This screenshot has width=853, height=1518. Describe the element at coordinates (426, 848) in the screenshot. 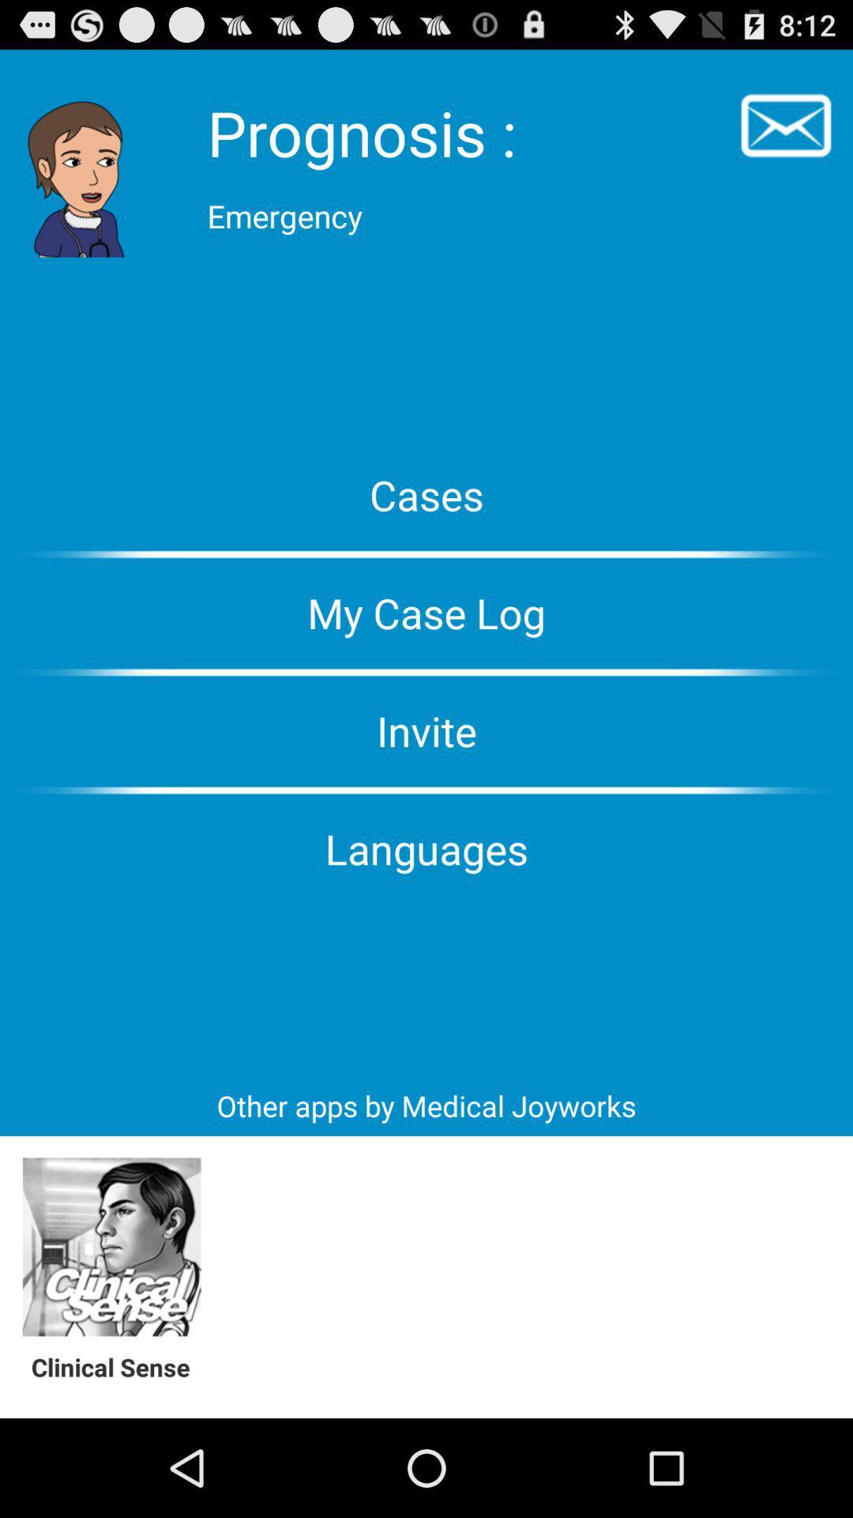

I see `item above other apps by app` at that location.